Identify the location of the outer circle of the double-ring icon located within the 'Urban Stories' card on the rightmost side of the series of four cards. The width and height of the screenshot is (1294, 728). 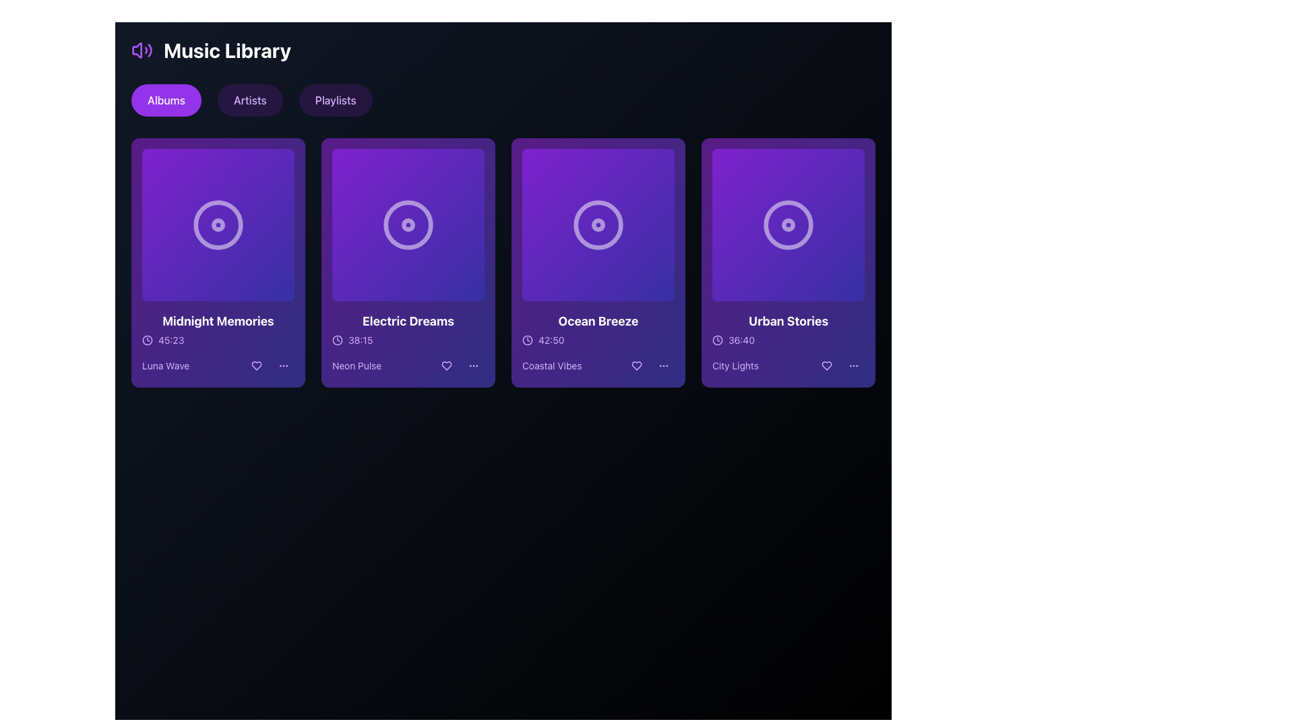
(789, 224).